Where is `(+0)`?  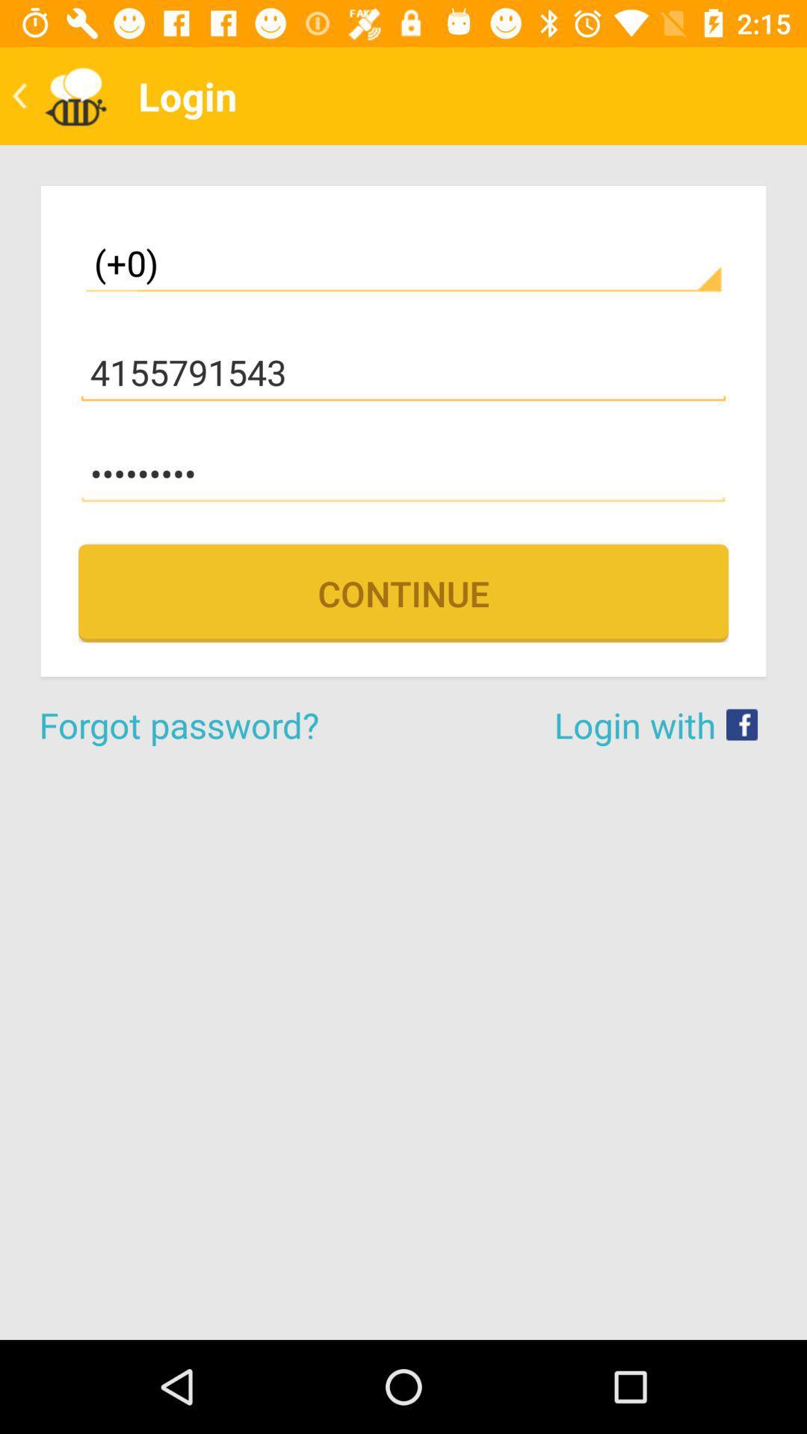 (+0) is located at coordinates (403, 263).